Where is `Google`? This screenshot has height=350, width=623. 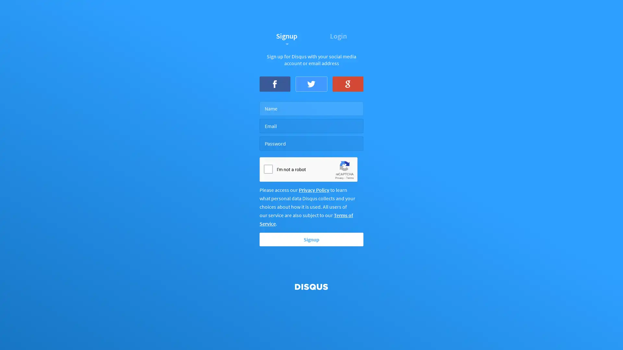 Google is located at coordinates (347, 83).